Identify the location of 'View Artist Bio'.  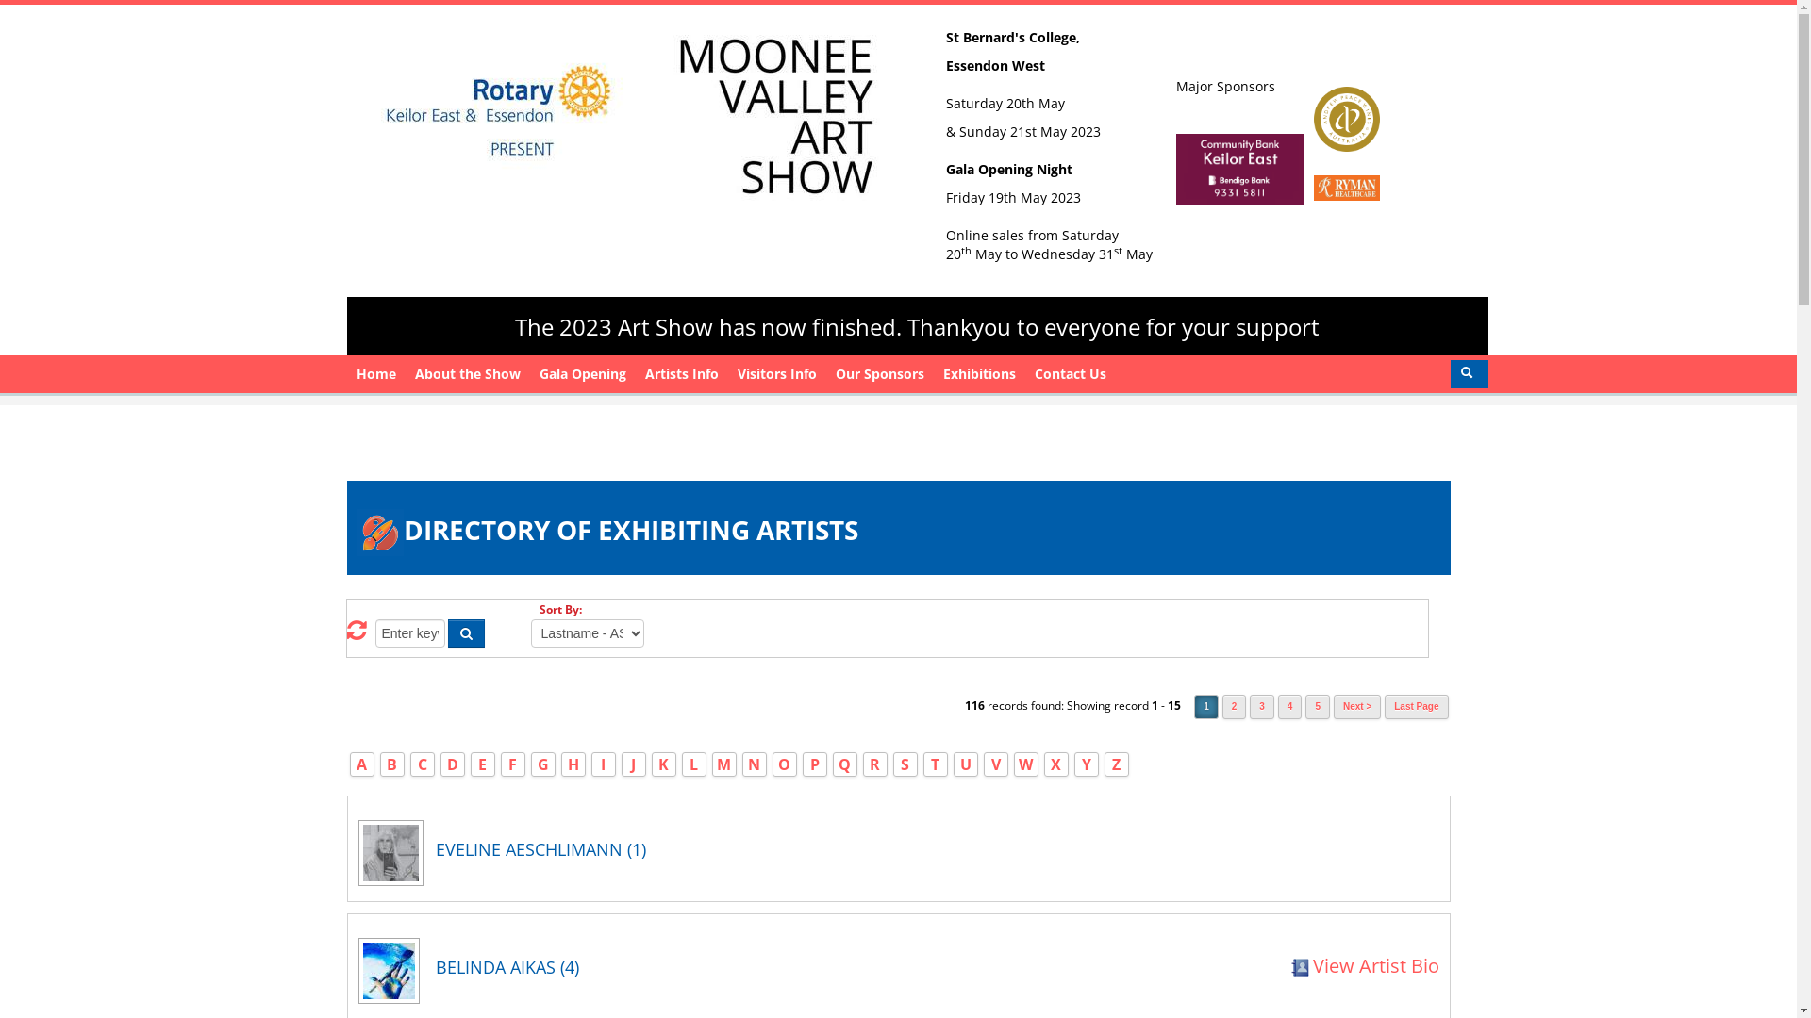
(1363, 965).